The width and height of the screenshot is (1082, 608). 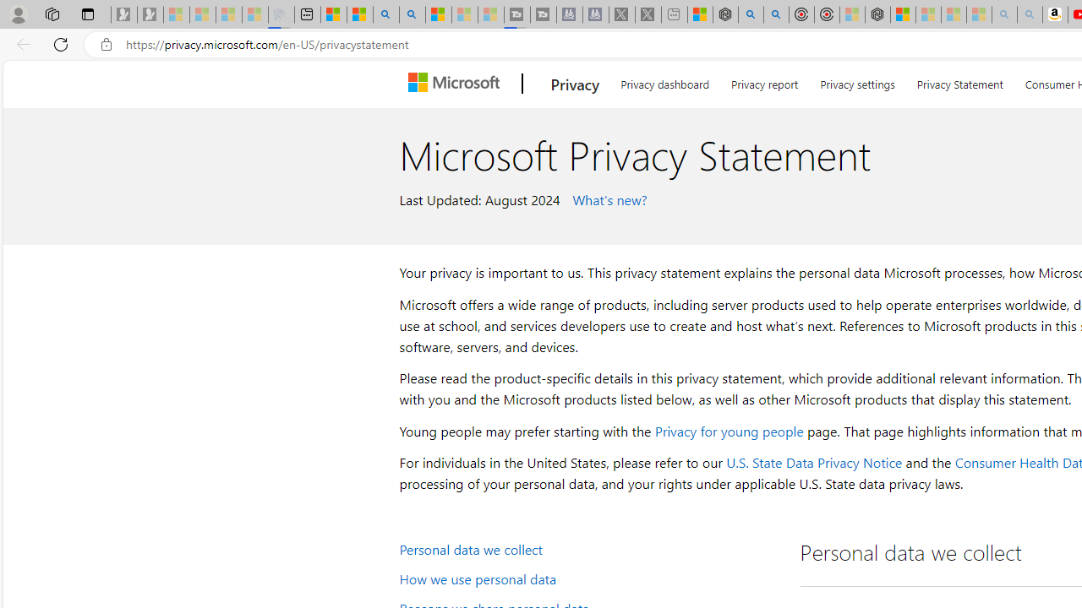 What do you see at coordinates (150, 14) in the screenshot?
I see `'Newsletter Sign Up - Sleeping'` at bounding box center [150, 14].